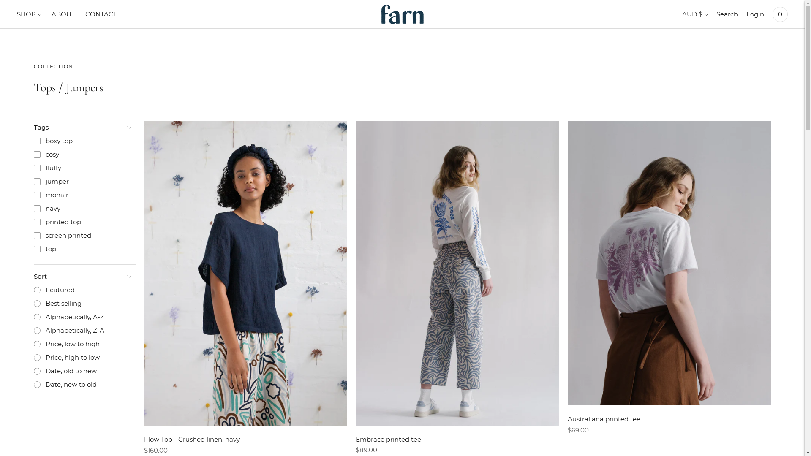 This screenshot has height=456, width=811. What do you see at coordinates (780, 14) in the screenshot?
I see `'0'` at bounding box center [780, 14].